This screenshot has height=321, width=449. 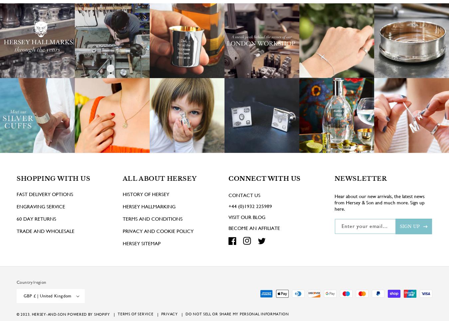 I want to click on 'GBP
      £ | United Kingdom', so click(x=47, y=305).